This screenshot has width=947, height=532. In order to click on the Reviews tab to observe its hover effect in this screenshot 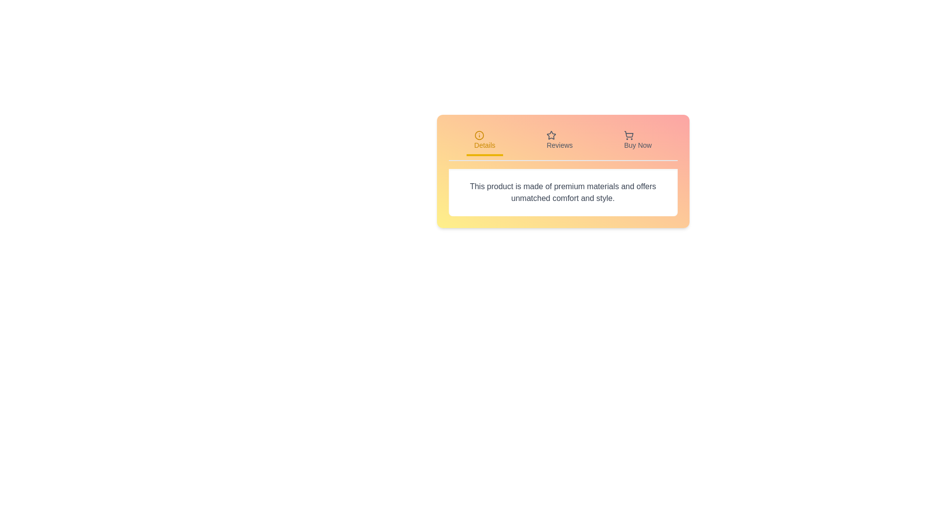, I will do `click(559, 141)`.